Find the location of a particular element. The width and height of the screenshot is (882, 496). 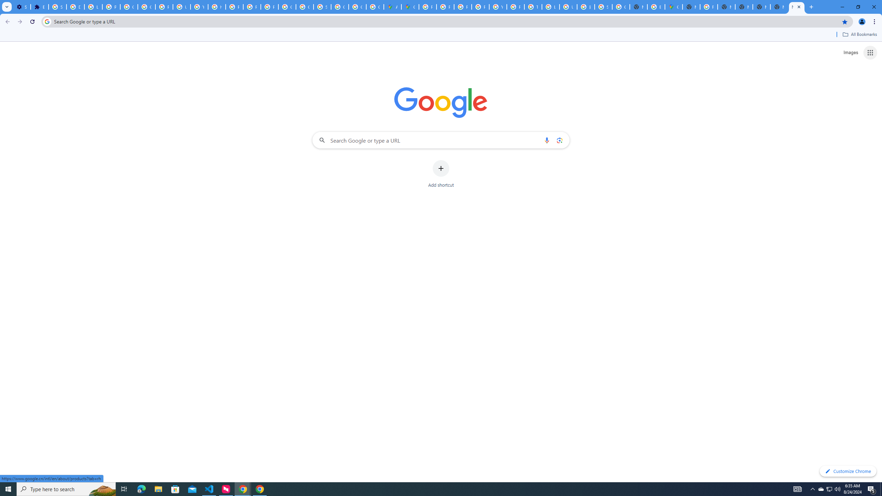

'Sign in - Google Accounts' is located at coordinates (58, 7).